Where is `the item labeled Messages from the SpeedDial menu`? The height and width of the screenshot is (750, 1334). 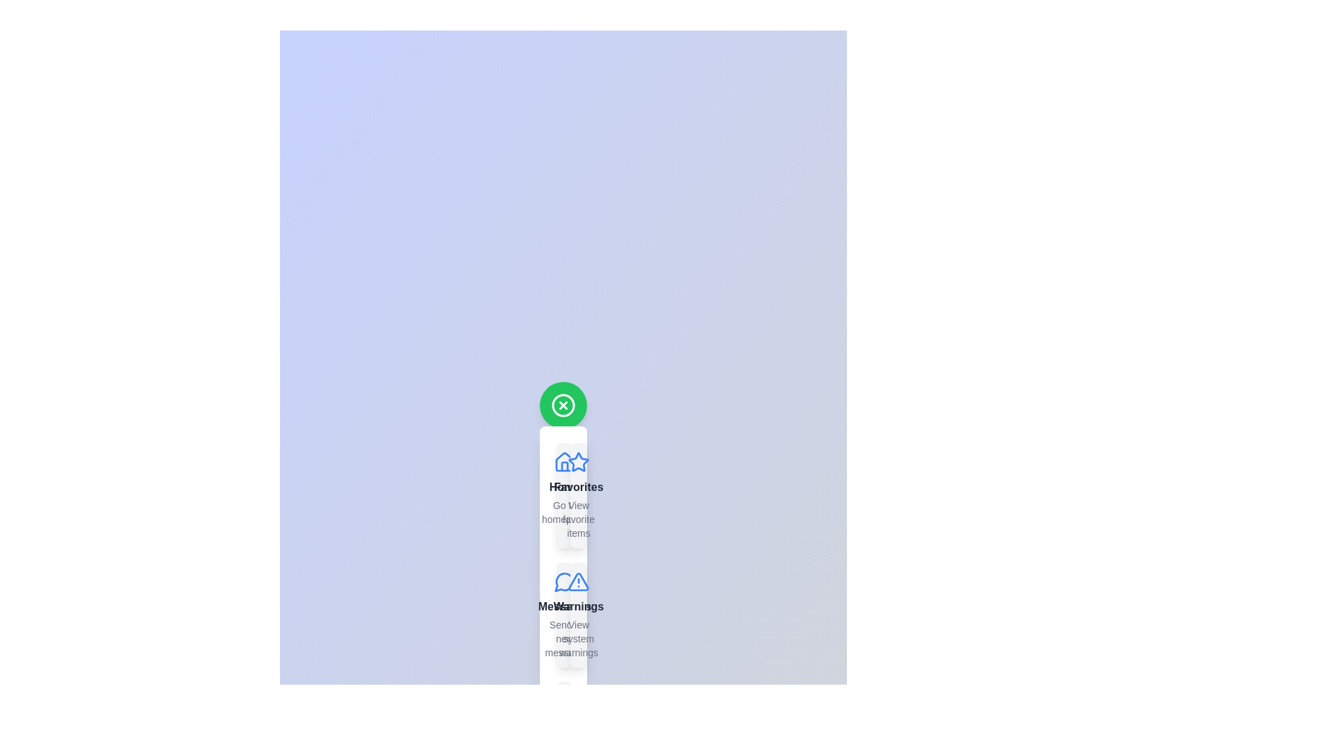 the item labeled Messages from the SpeedDial menu is located at coordinates (564, 615).